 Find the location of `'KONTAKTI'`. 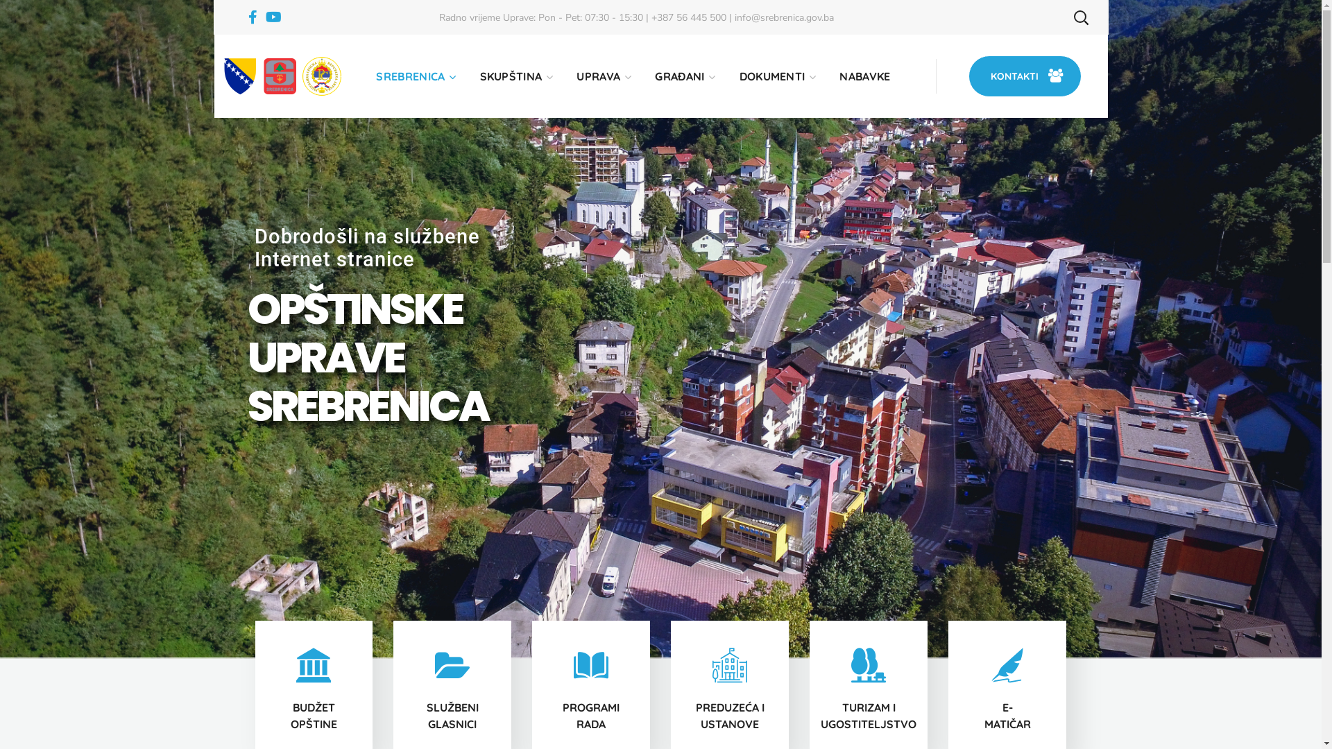

'KONTAKTI' is located at coordinates (968, 76).